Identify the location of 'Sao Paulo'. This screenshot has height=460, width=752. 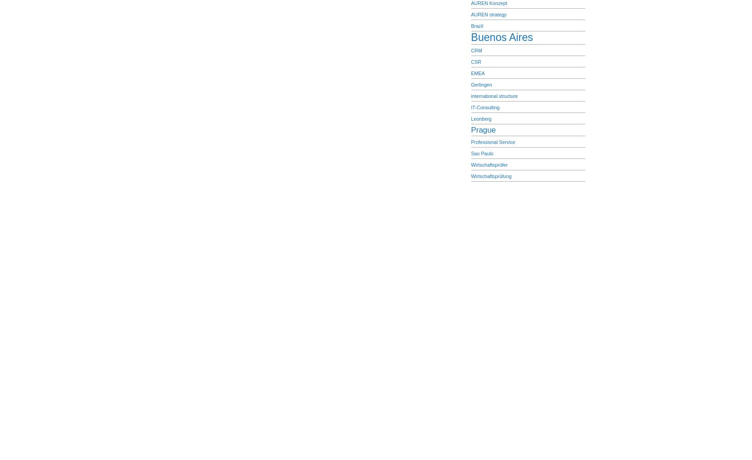
(482, 153).